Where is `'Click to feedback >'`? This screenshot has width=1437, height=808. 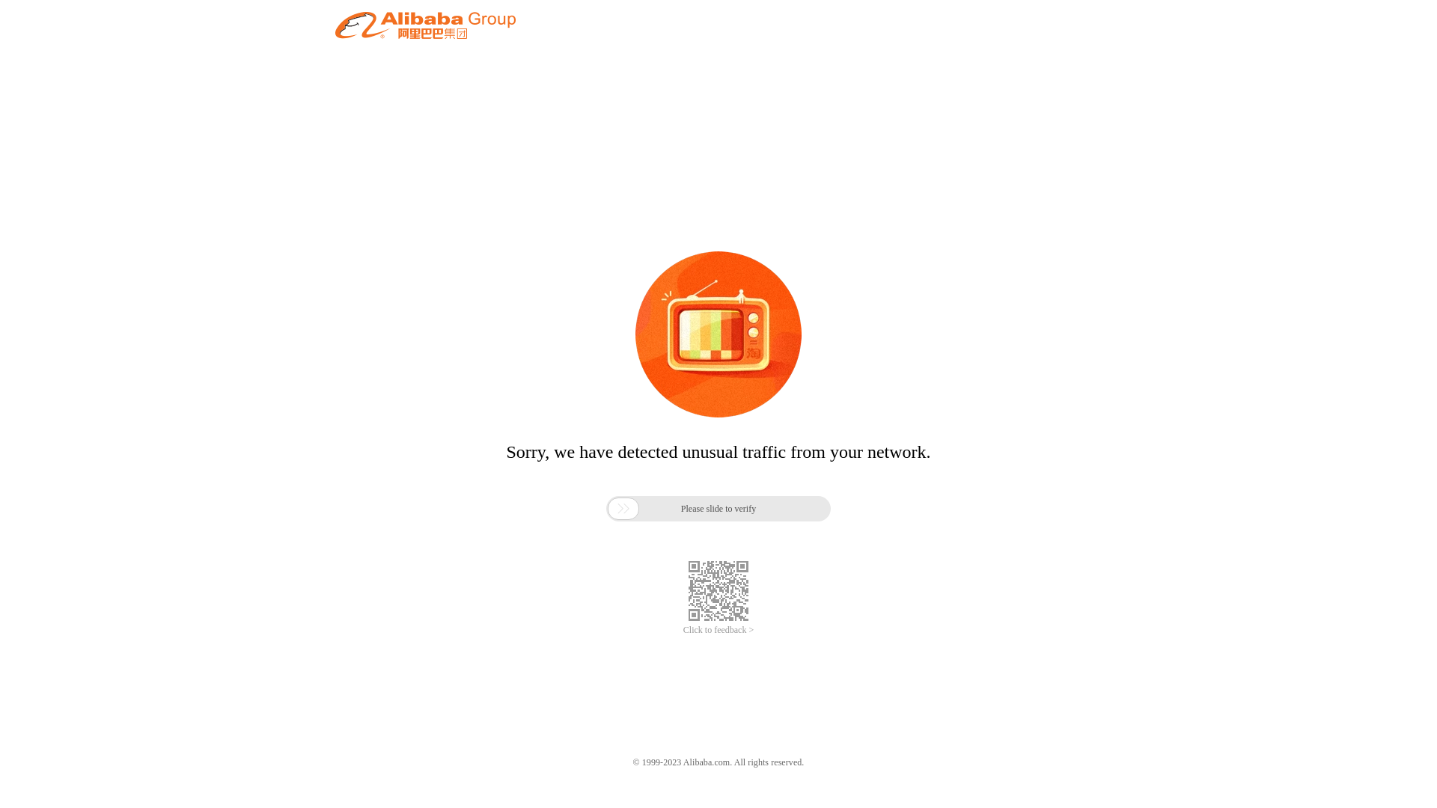
'Click to feedback >' is located at coordinates (718, 630).